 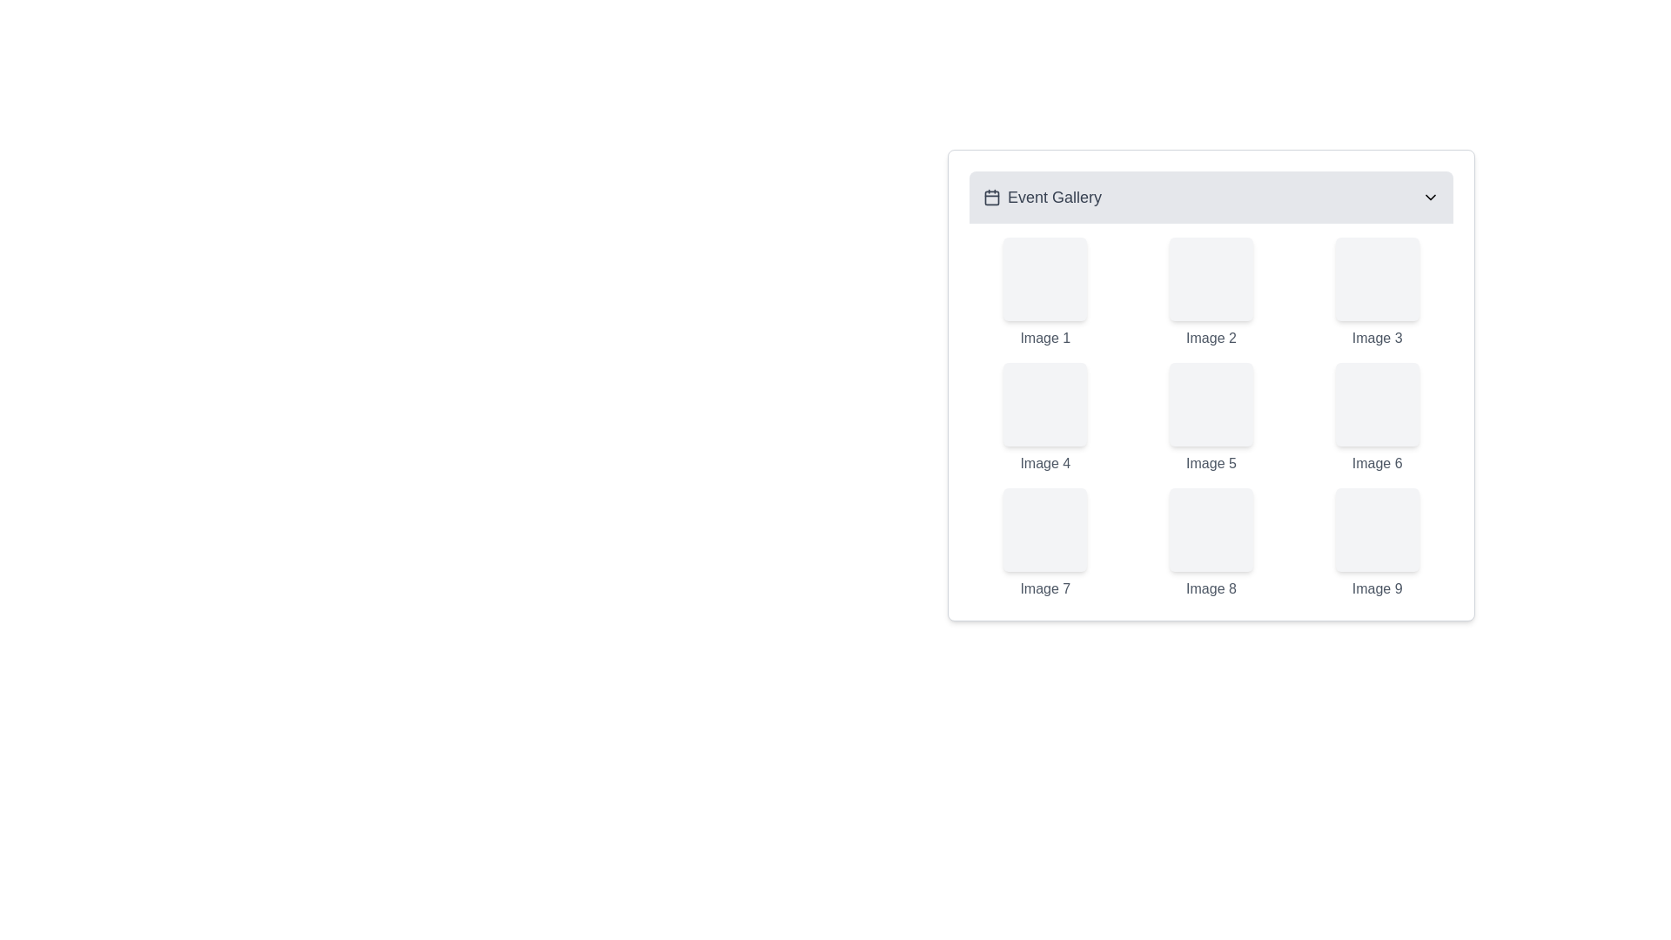 I want to click on the text label displaying 'Image 5', which is located in the second column of the second row in a grid layout, below the corresponding thumbnail placeholder, so click(x=1211, y=462).